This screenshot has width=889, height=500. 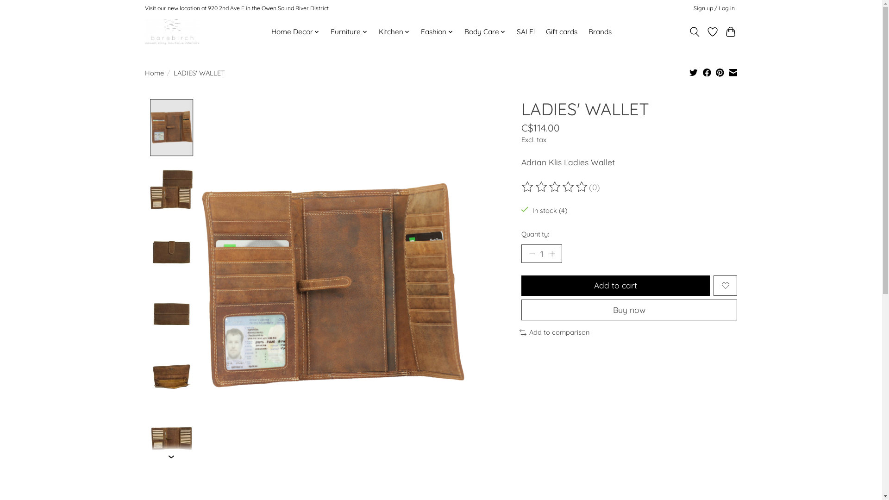 I want to click on 'Buy now', so click(x=629, y=310).